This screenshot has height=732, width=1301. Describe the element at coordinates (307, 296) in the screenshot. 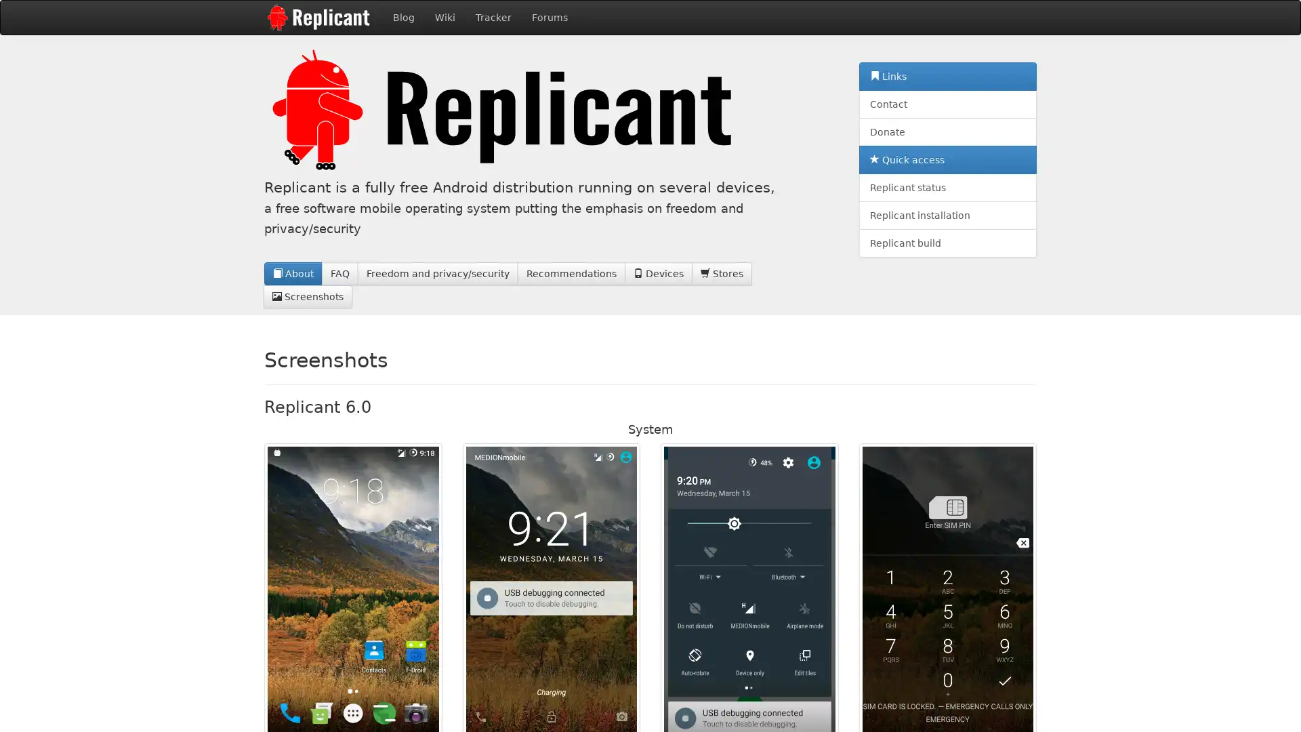

I see `Screenshots` at that location.